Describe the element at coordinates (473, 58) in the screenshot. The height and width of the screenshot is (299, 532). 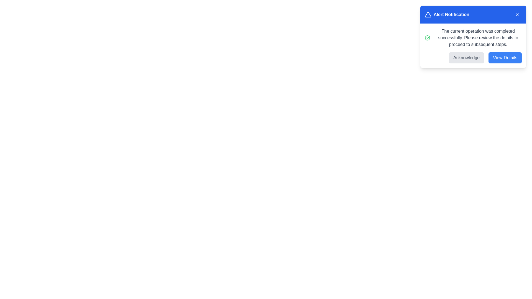
I see `the group of buttons located at the bottom-right of the alert notification panel` at that location.